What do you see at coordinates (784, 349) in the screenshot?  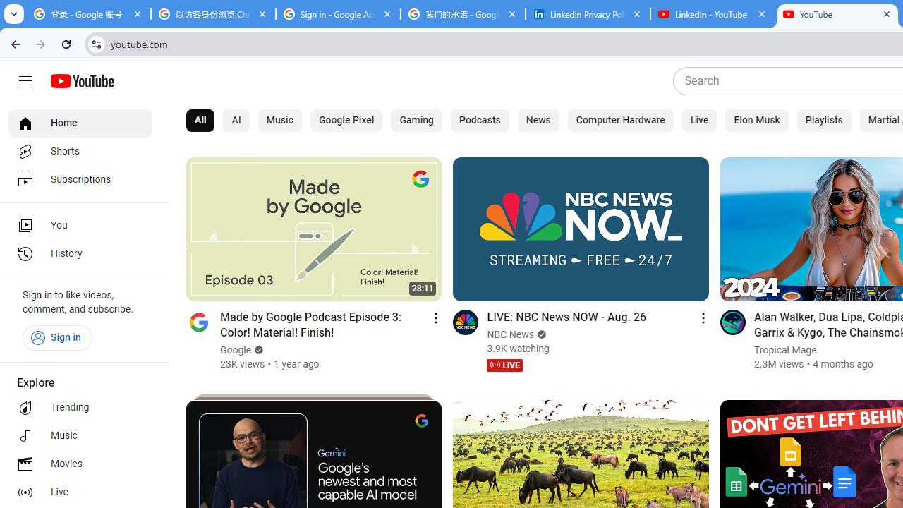 I see `'Tropical Mage'` at bounding box center [784, 349].